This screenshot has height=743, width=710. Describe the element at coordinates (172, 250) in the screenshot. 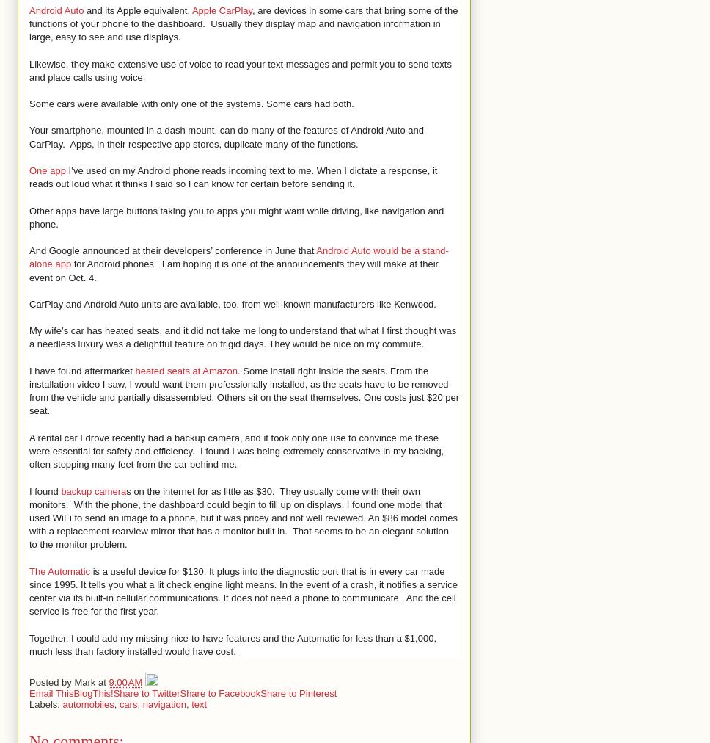

I see `'And Google announced at their developers’ conference in June that'` at that location.